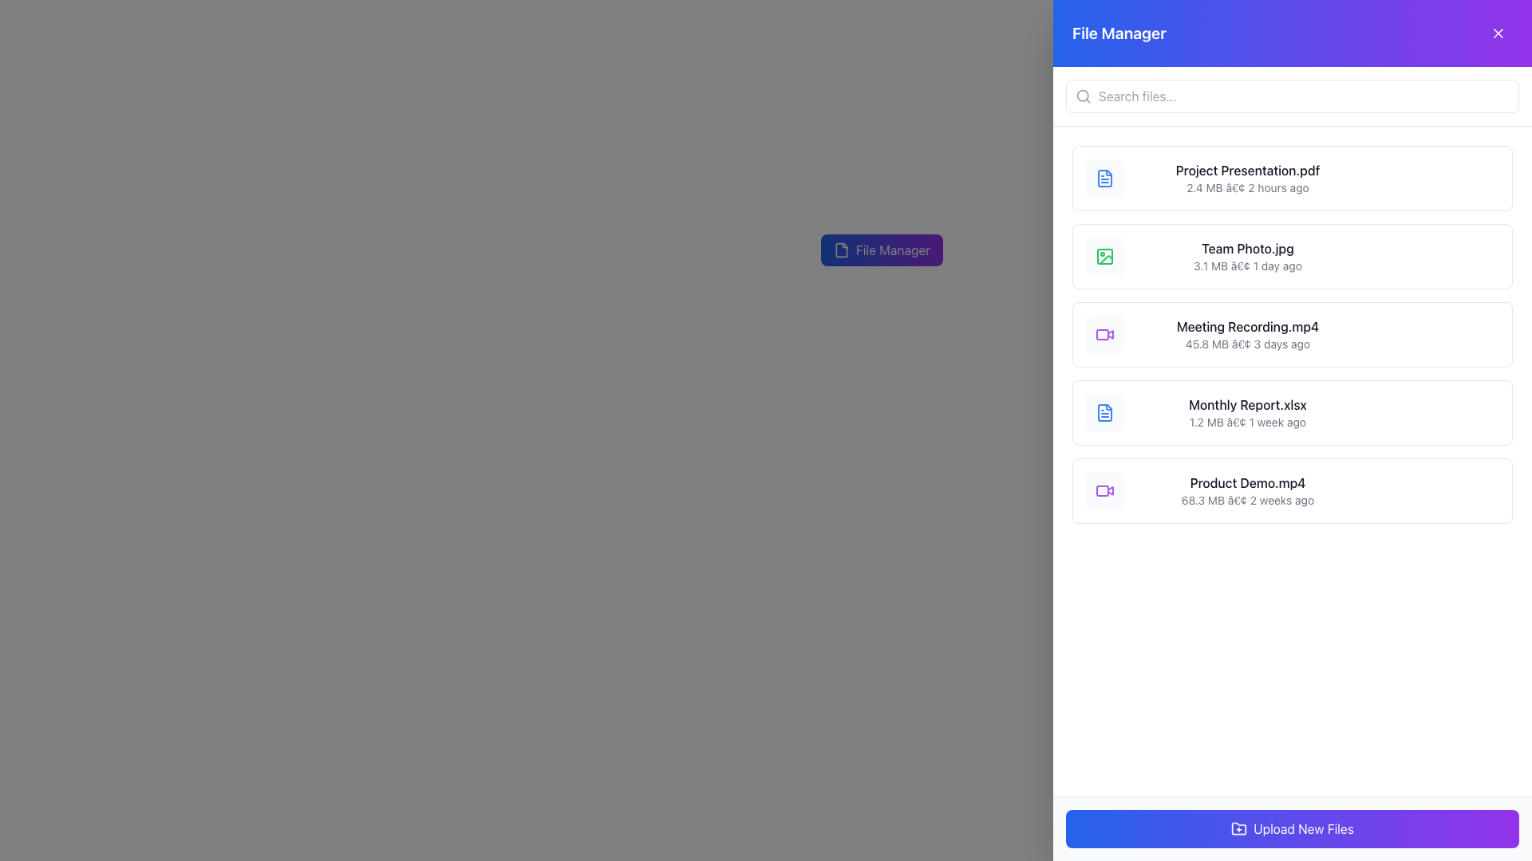  Describe the element at coordinates (1104, 411) in the screenshot. I see `the file icon representing 'Monthly Report.xlsx' located on the right-hand panel of the UI` at that location.